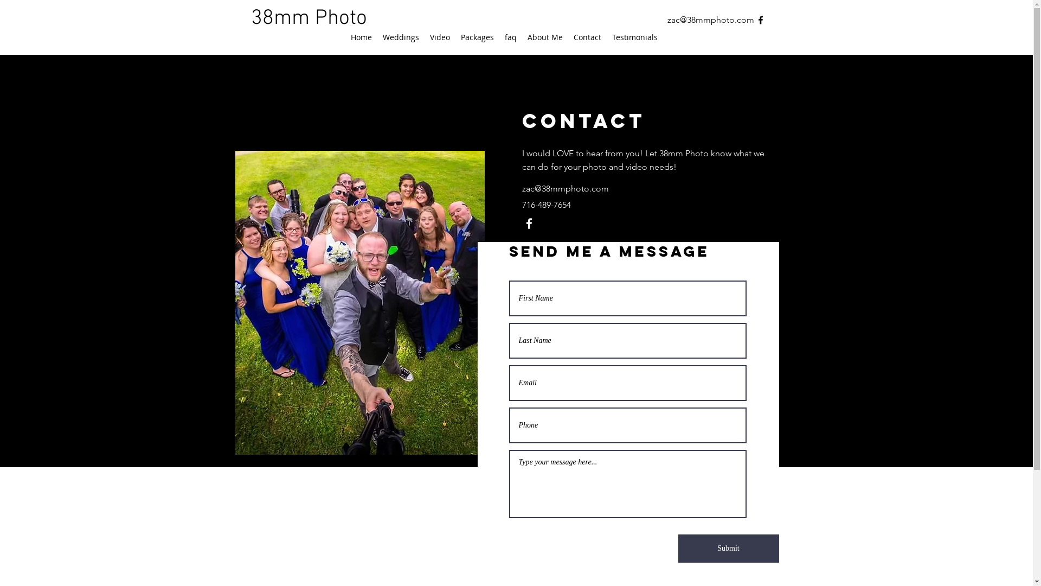  What do you see at coordinates (564, 188) in the screenshot?
I see `'zac@38mmphoto.com'` at bounding box center [564, 188].